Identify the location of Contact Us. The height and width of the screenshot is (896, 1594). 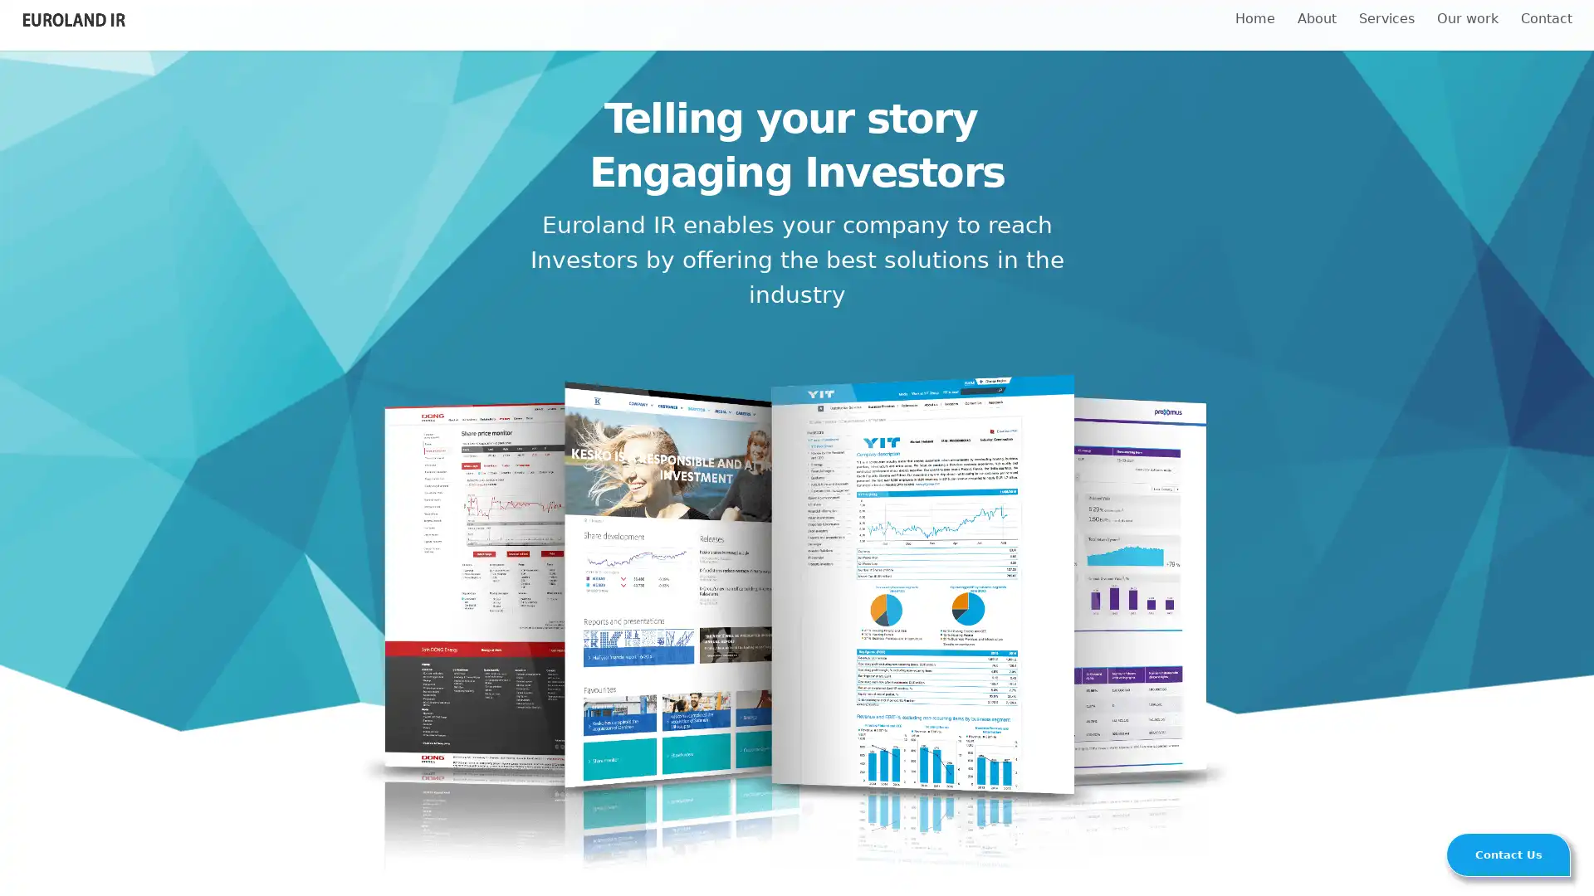
(1508, 854).